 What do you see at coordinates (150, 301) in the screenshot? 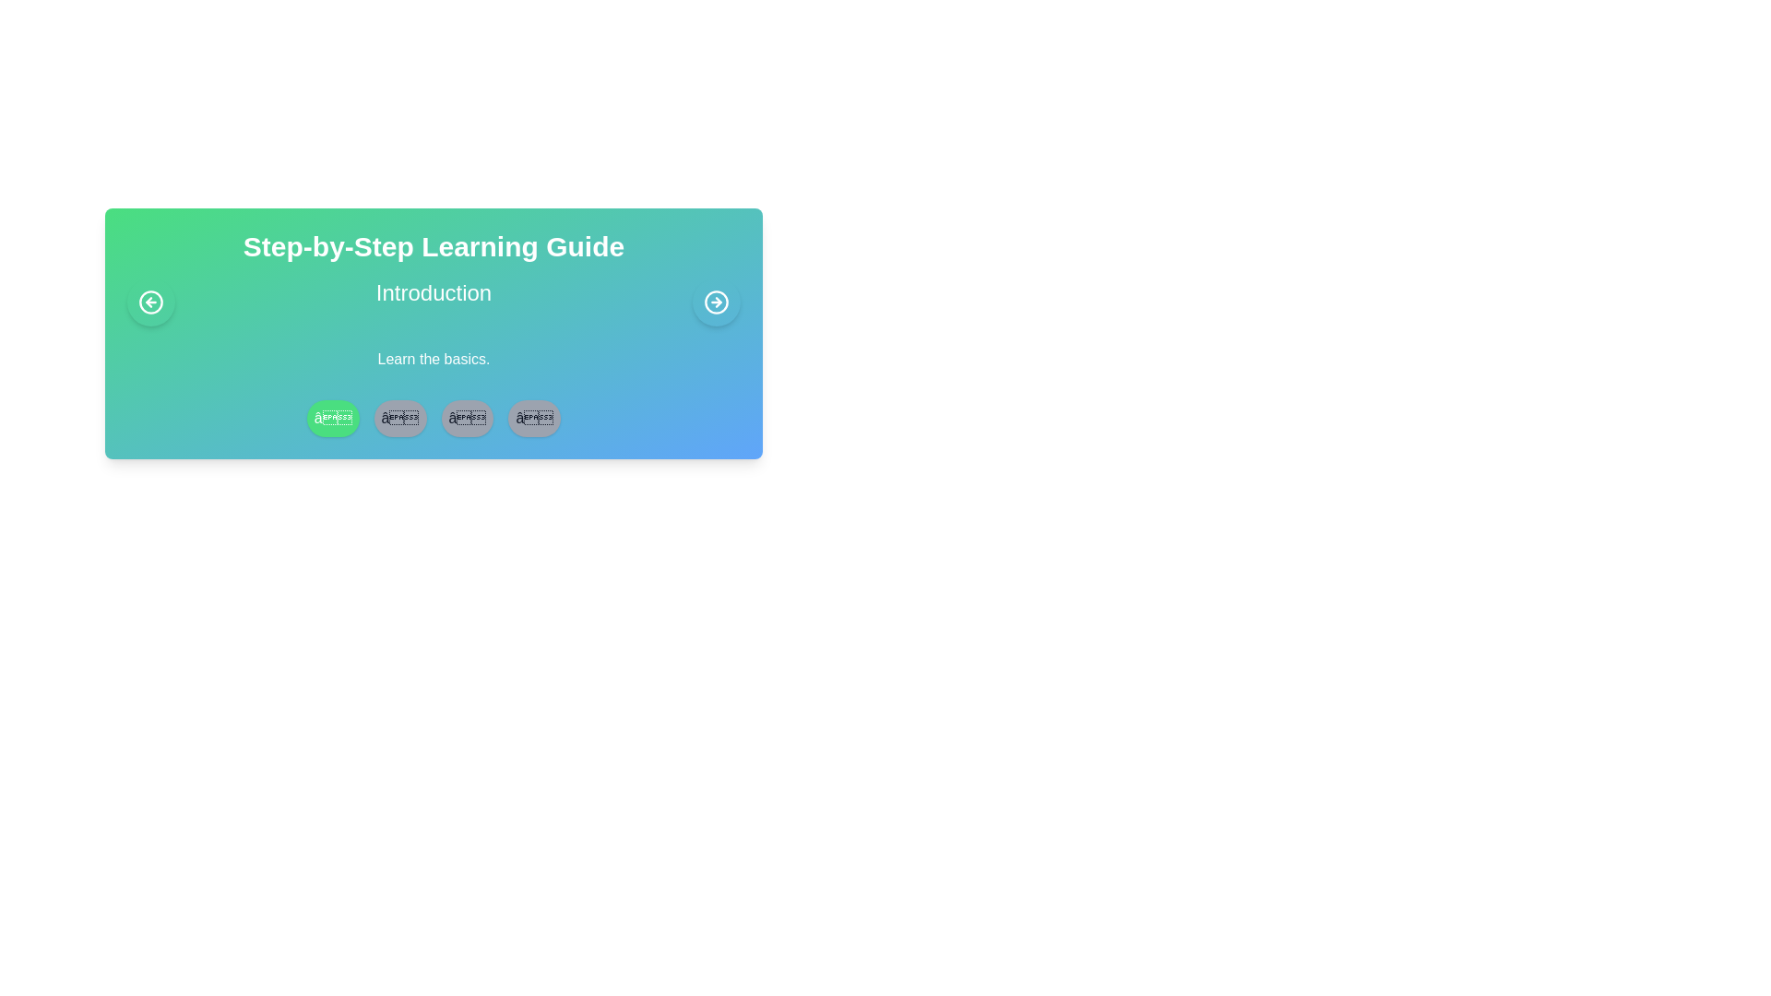
I see `the circular green button with a leftward arrow icon located on the left side of the panel, adjacent to the text 'Introduction'` at bounding box center [150, 301].